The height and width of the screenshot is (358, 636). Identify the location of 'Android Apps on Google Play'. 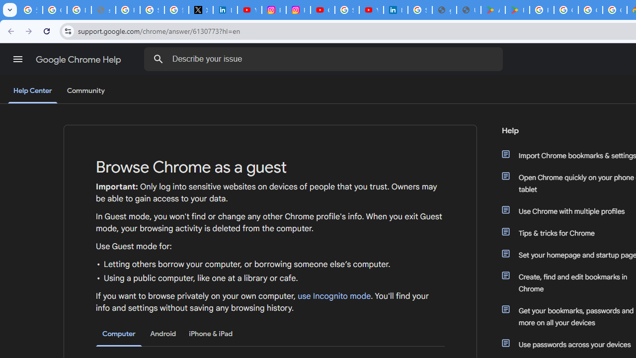
(493, 10).